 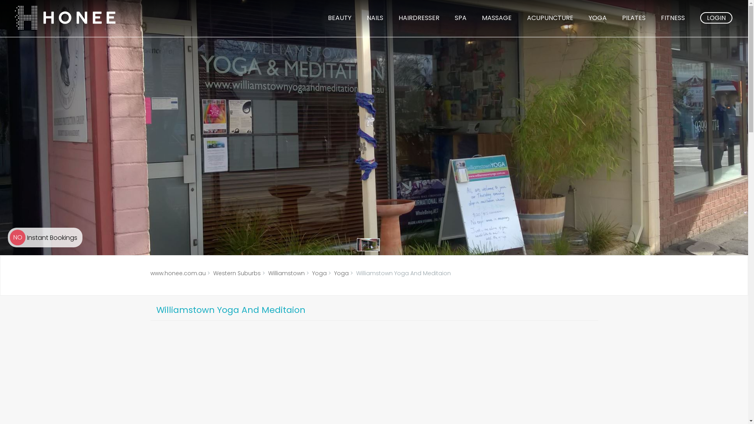 I want to click on 'BEAUTY', so click(x=339, y=18).